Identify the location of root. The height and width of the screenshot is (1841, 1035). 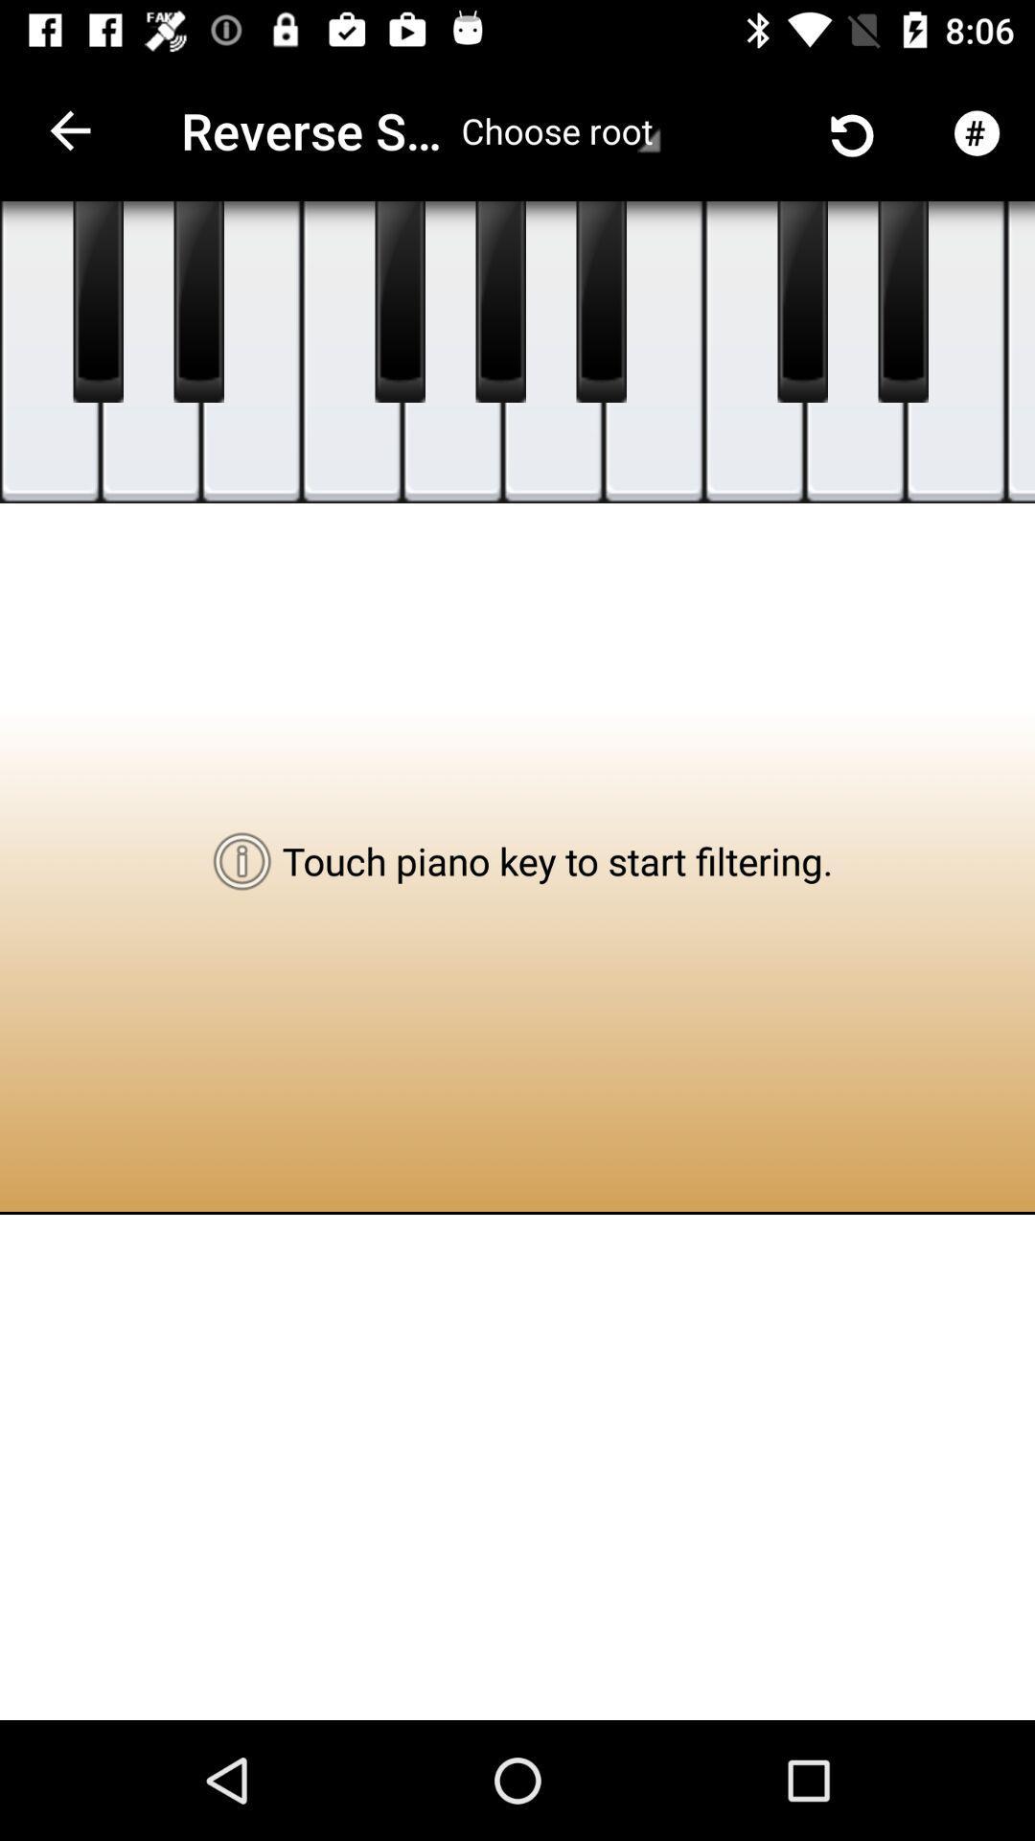
(561, 129).